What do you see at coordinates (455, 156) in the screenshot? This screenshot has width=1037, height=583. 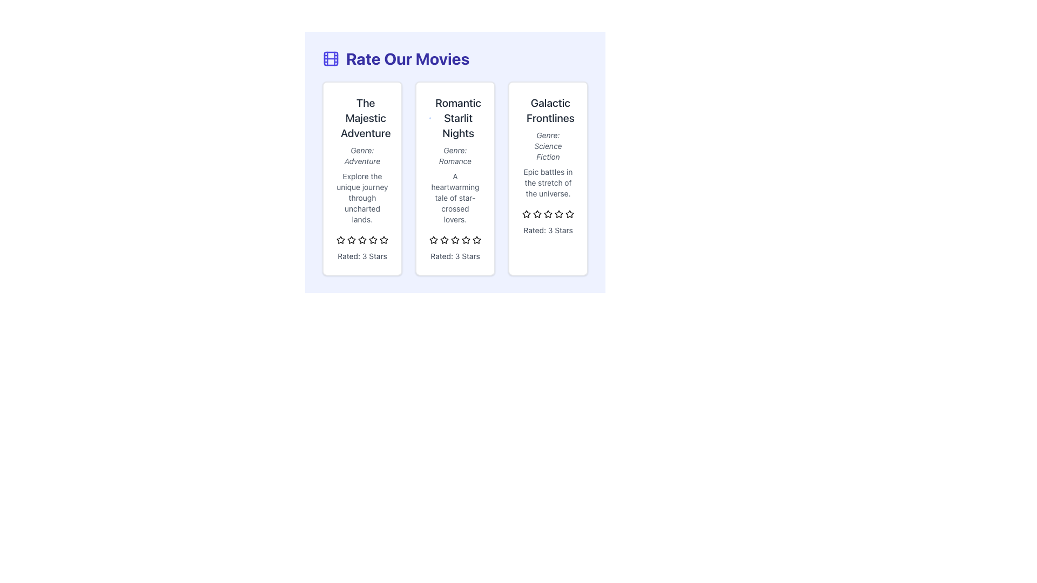 I see `the text element that provides information about the genre of the item described in the second card titled 'Romantic Starlit Nights'` at bounding box center [455, 156].